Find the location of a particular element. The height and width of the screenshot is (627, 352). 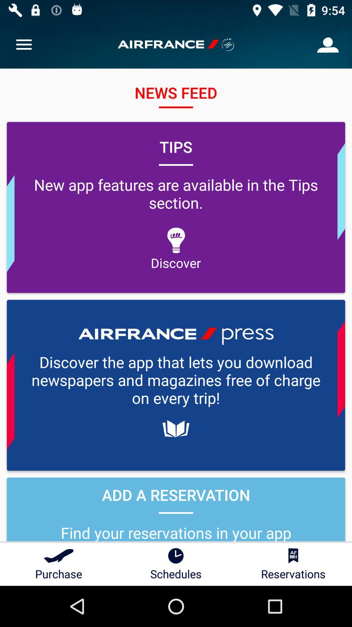

the item to the right of purchase is located at coordinates (176, 564).